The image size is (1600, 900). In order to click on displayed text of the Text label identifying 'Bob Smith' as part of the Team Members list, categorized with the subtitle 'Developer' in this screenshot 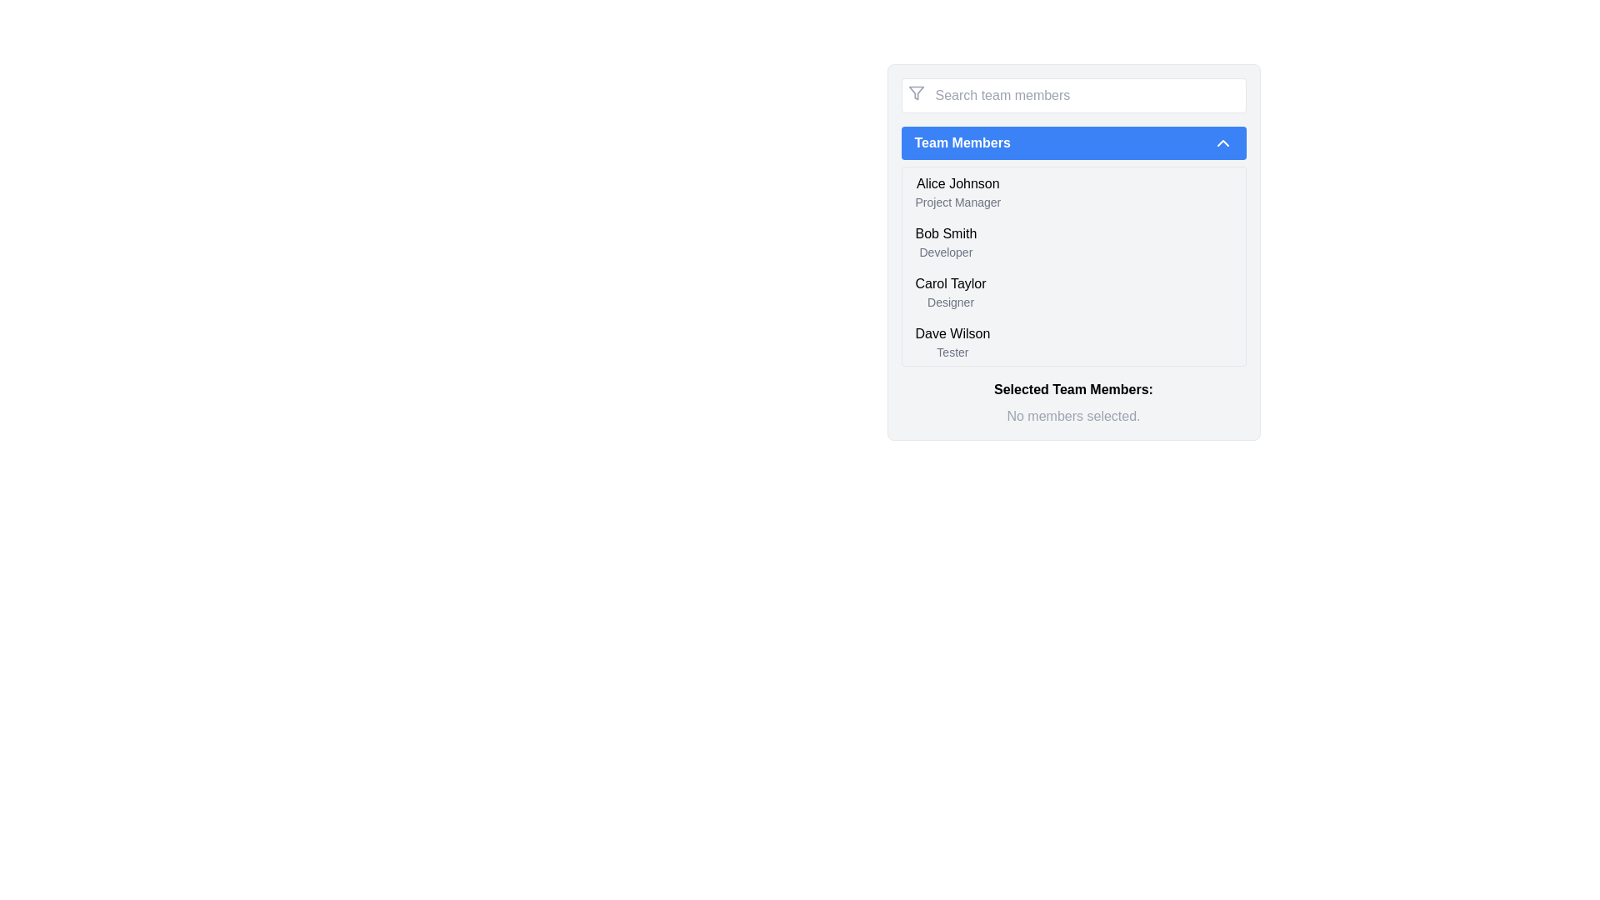, I will do `click(946, 234)`.